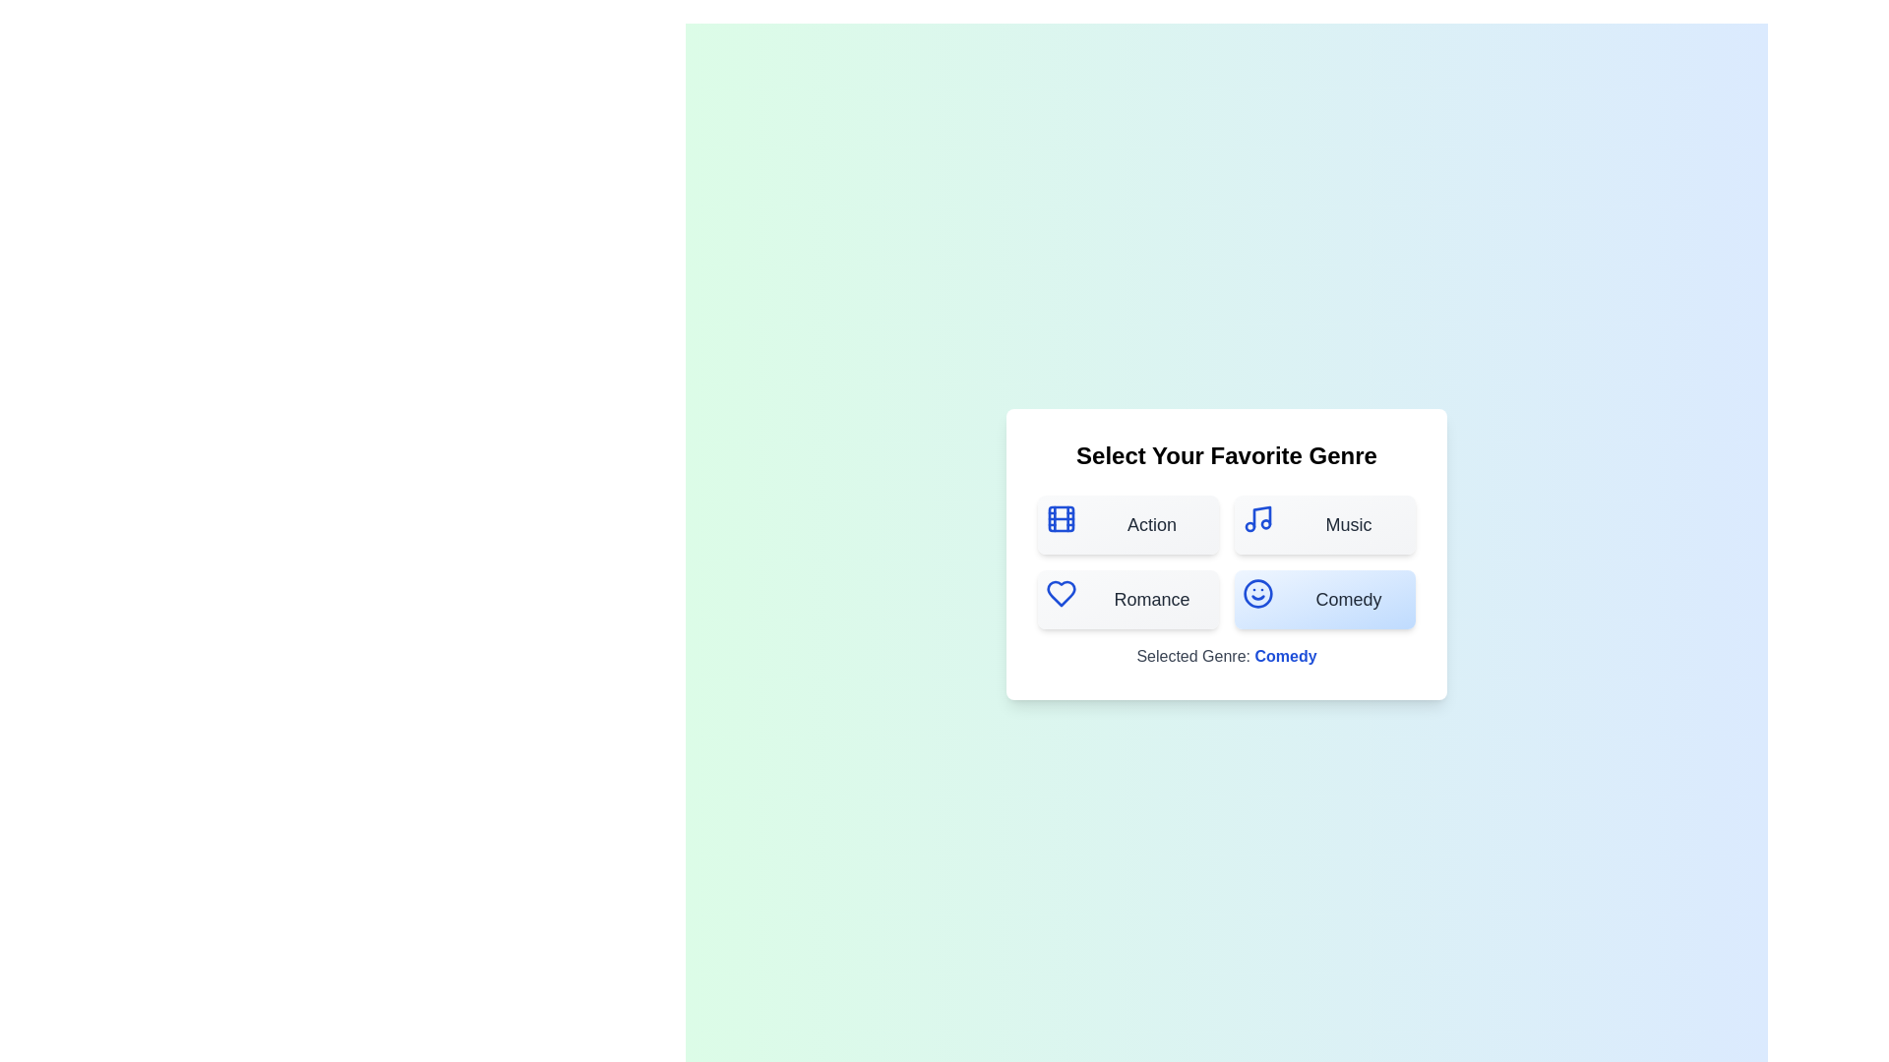  I want to click on the 'Action' genre selection button, which is the first button in the grid located at the top-left corner, to the left of the 'Music' button and above the 'Romance' button, so click(1128, 523).